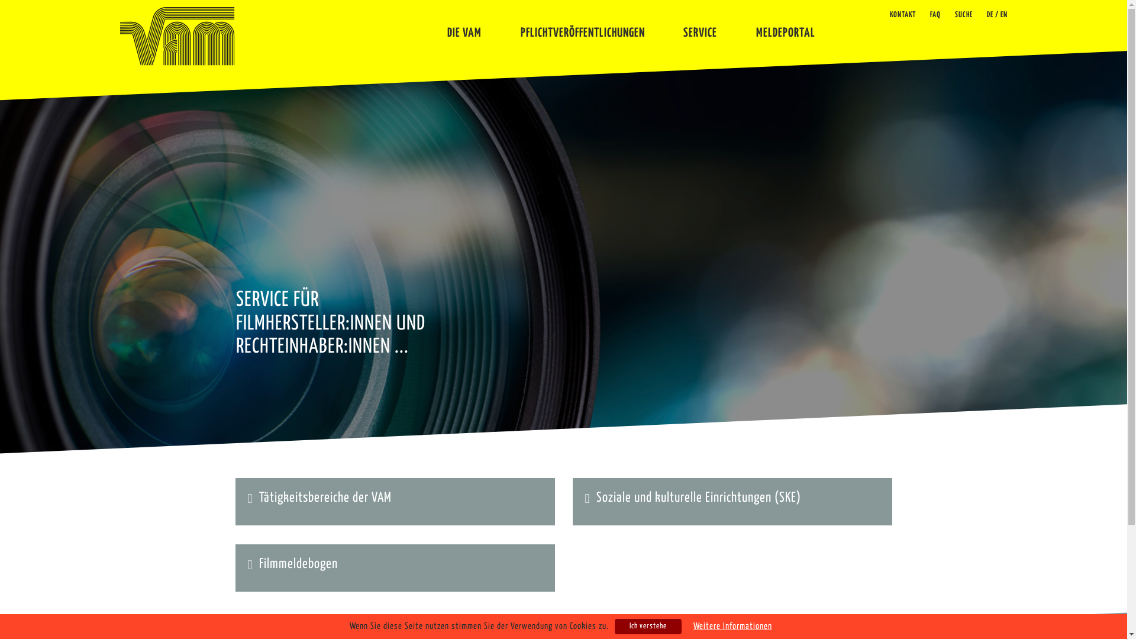 The height and width of the screenshot is (639, 1136). Describe the element at coordinates (902, 15) in the screenshot. I see `'KONTAKT'` at that location.